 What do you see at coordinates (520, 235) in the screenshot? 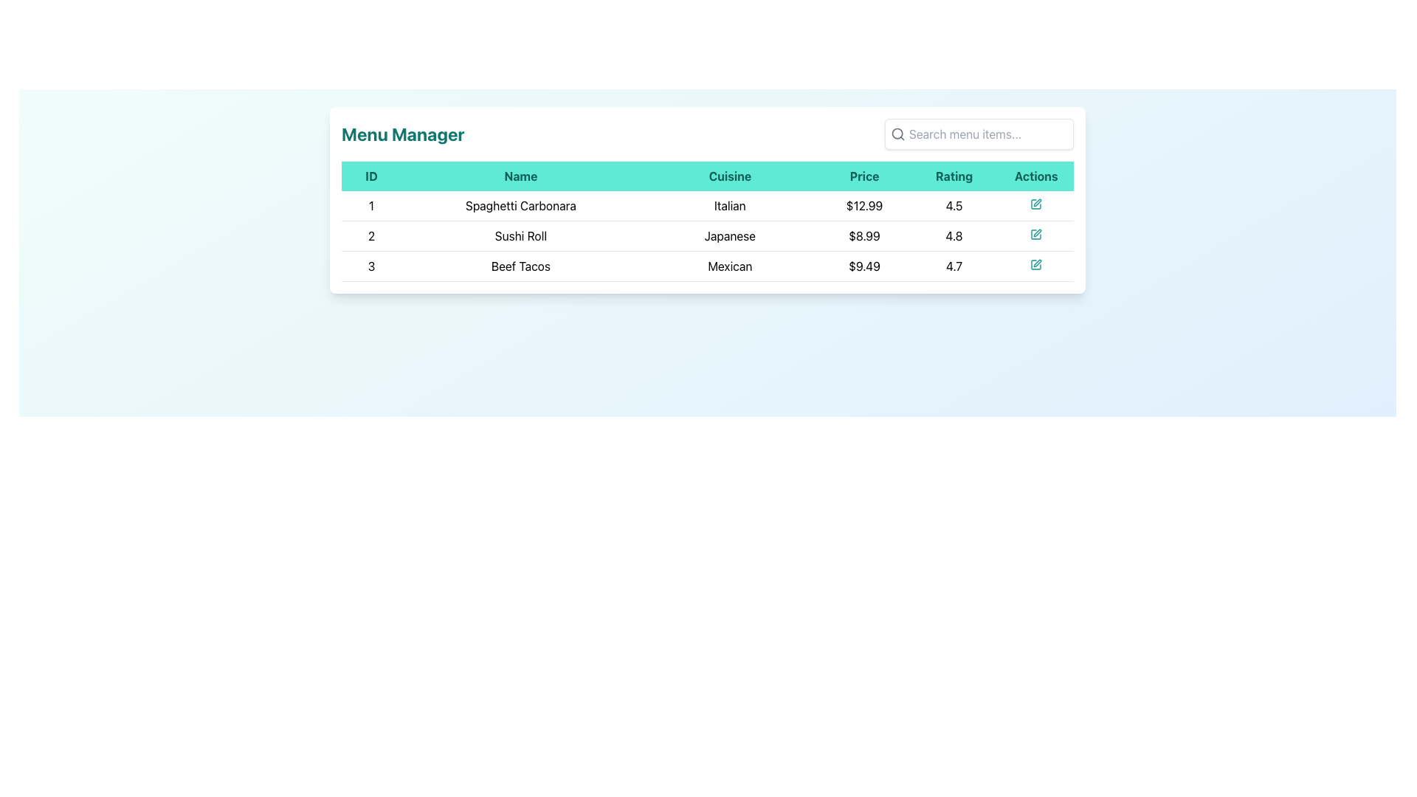
I see `the text label displaying the menu item 'Sushi Roll', which is located in the second column of the second row of the table, between '2' and 'Japanese'` at bounding box center [520, 235].